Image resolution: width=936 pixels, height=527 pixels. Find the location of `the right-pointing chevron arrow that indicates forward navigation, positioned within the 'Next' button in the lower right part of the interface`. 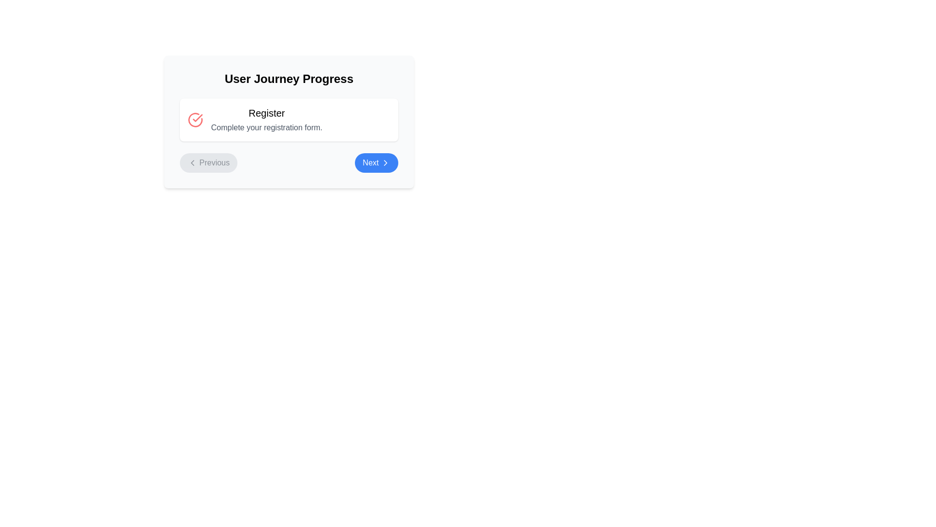

the right-pointing chevron arrow that indicates forward navigation, positioned within the 'Next' button in the lower right part of the interface is located at coordinates (385, 162).